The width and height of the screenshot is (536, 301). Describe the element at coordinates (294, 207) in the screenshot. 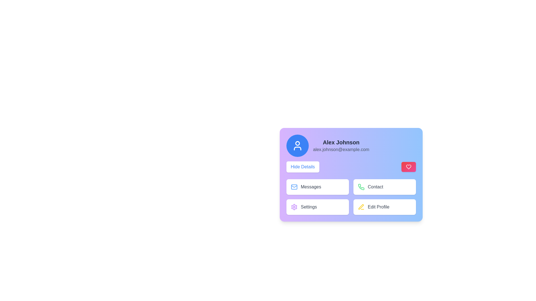

I see `the settings icon, which is the leftmost component of the 'Settings' button located at the bottom-left section of the card layout` at that location.